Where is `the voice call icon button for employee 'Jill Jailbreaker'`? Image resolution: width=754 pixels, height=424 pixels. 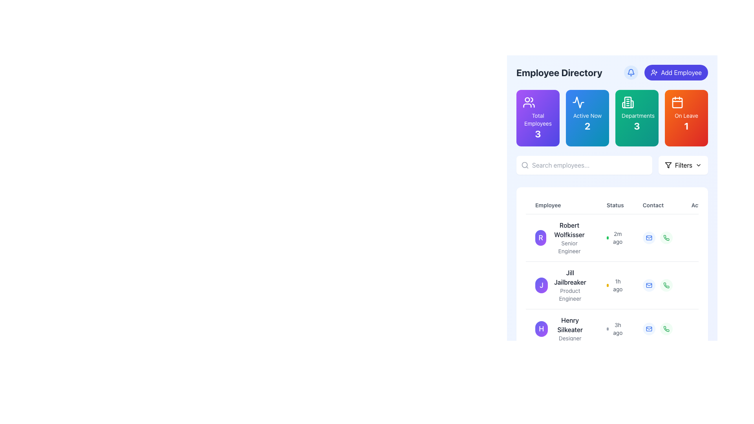
the voice call icon button for employee 'Jill Jailbreaker' is located at coordinates (666, 285).